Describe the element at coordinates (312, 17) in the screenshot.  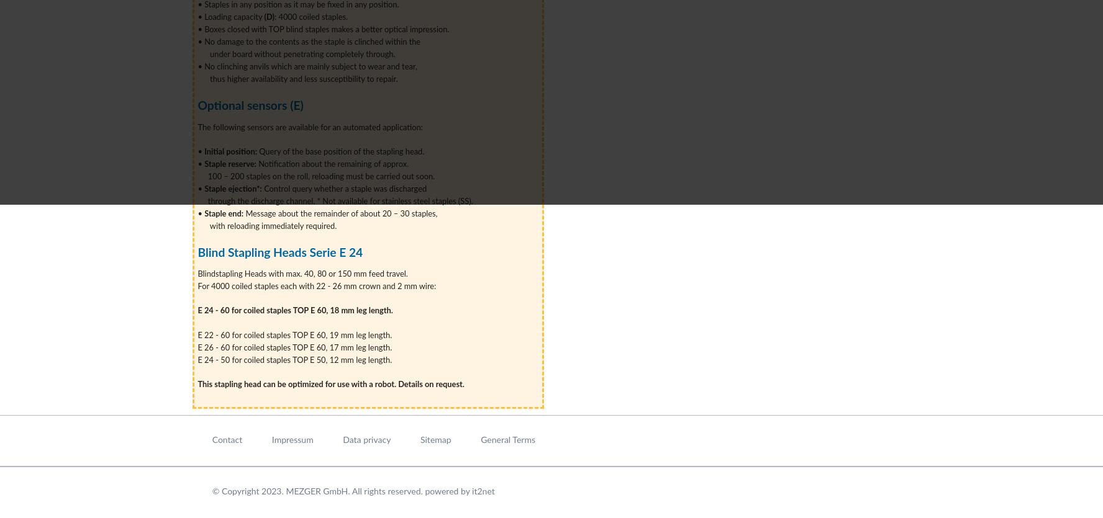
I see `': 4000 coiled staples.'` at that location.